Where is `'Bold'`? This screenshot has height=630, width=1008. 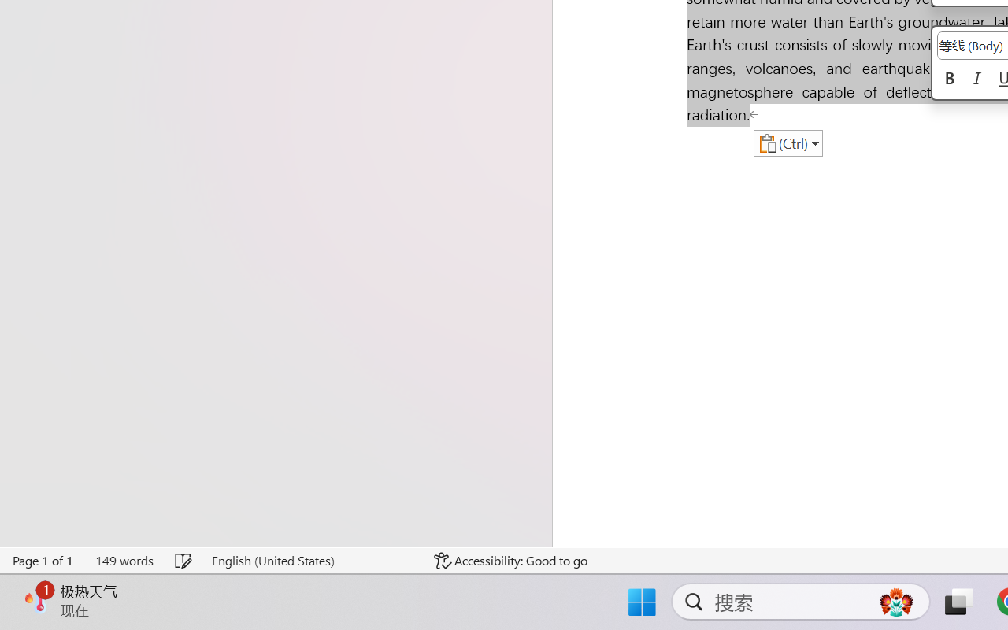
'Bold' is located at coordinates (949, 79).